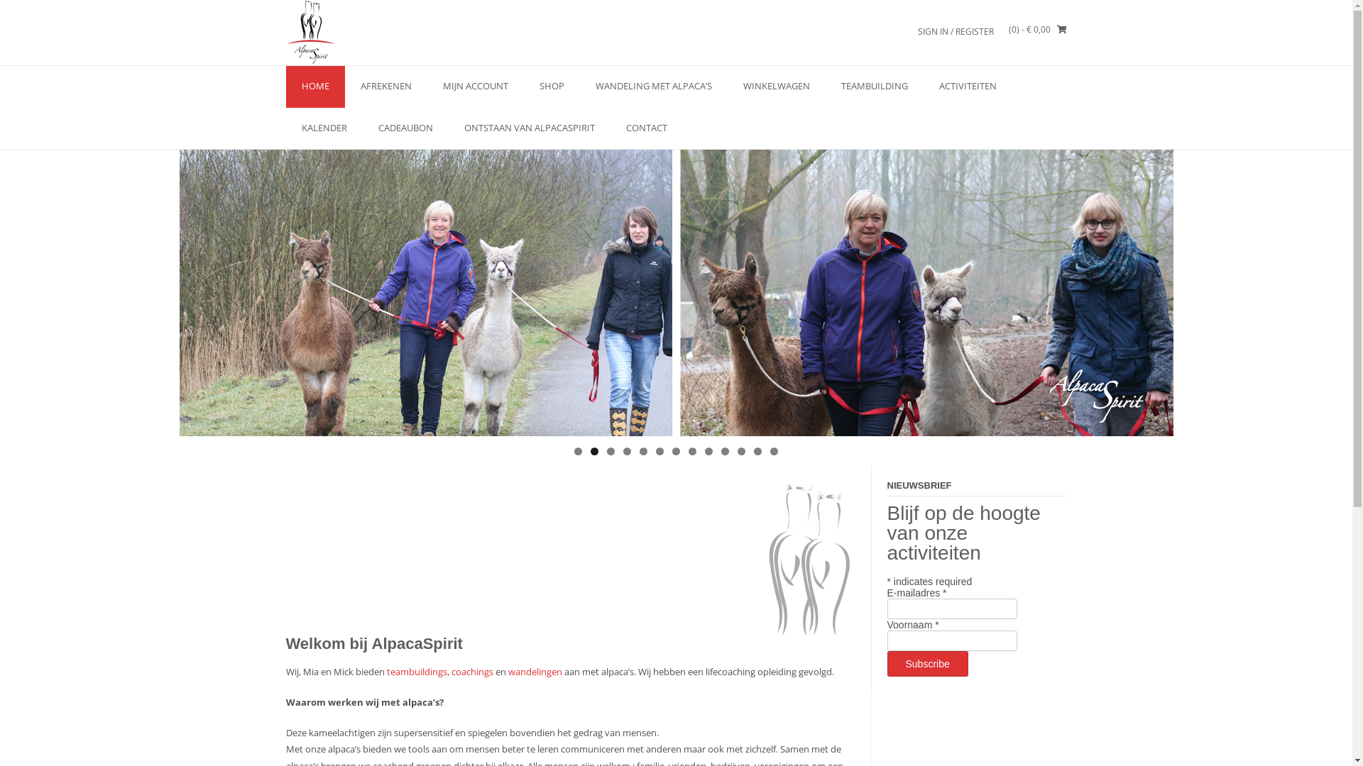  I want to click on 'MIJN ACCOUNT', so click(476, 87).